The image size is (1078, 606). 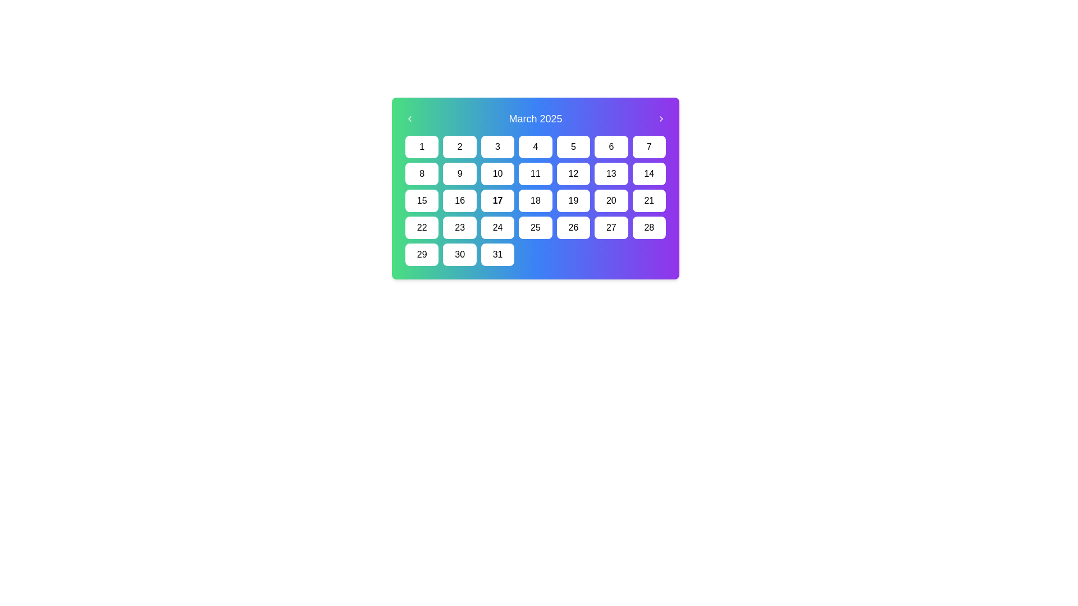 I want to click on the button-like UI component displaying '26' in black, which is part of a calendar layout and located in the fifth column of the fourth row, so click(x=573, y=227).